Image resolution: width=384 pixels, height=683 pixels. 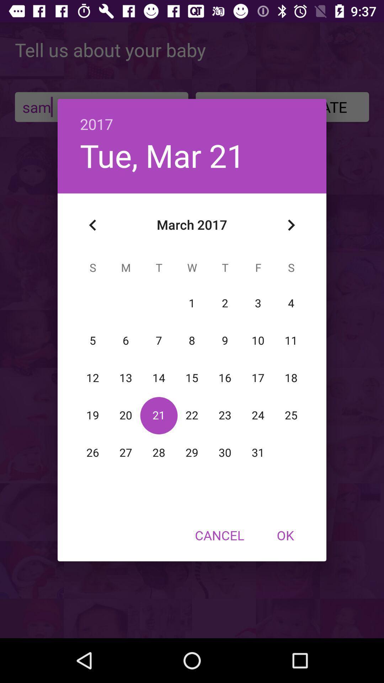 I want to click on the icon above the ok item, so click(x=291, y=225).